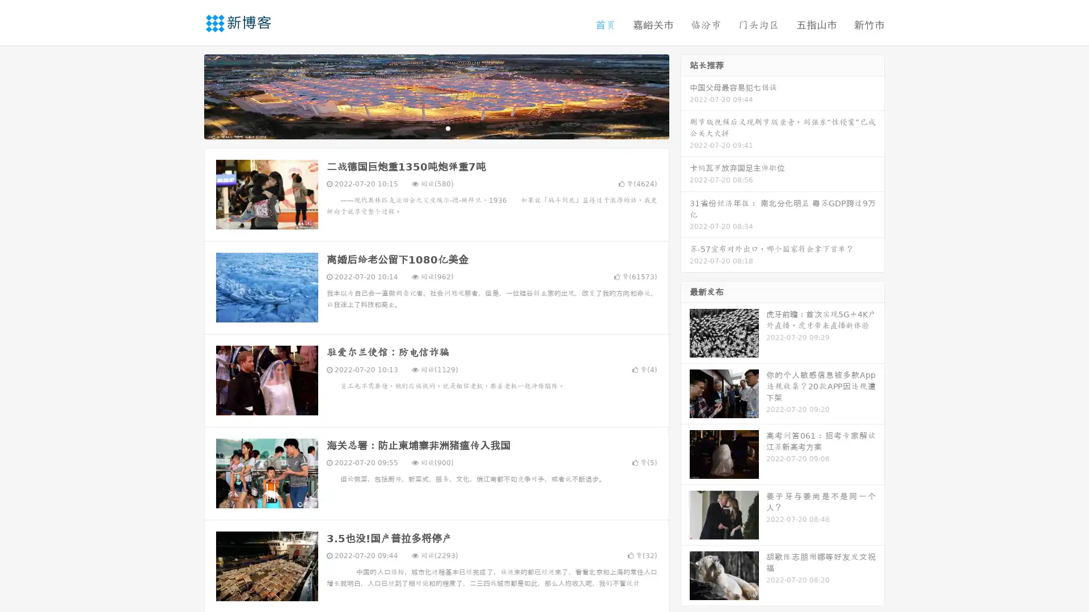 The width and height of the screenshot is (1089, 612). Describe the element at coordinates (685, 95) in the screenshot. I see `Next slide` at that location.